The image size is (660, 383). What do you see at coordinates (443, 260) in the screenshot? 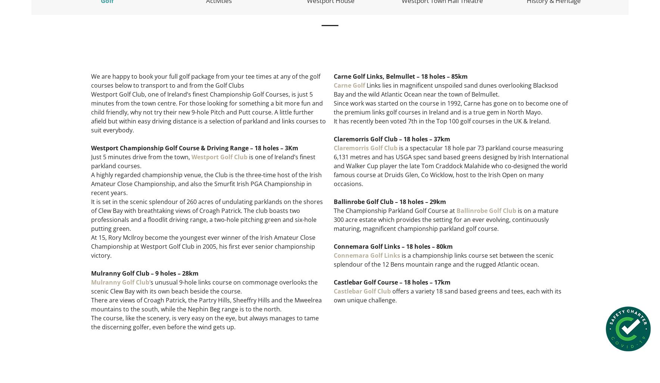
I see `'is a championship links course set between the scenic splendour of the 12 Bens mountain range and the rugged Atlantic ocean.'` at bounding box center [443, 260].